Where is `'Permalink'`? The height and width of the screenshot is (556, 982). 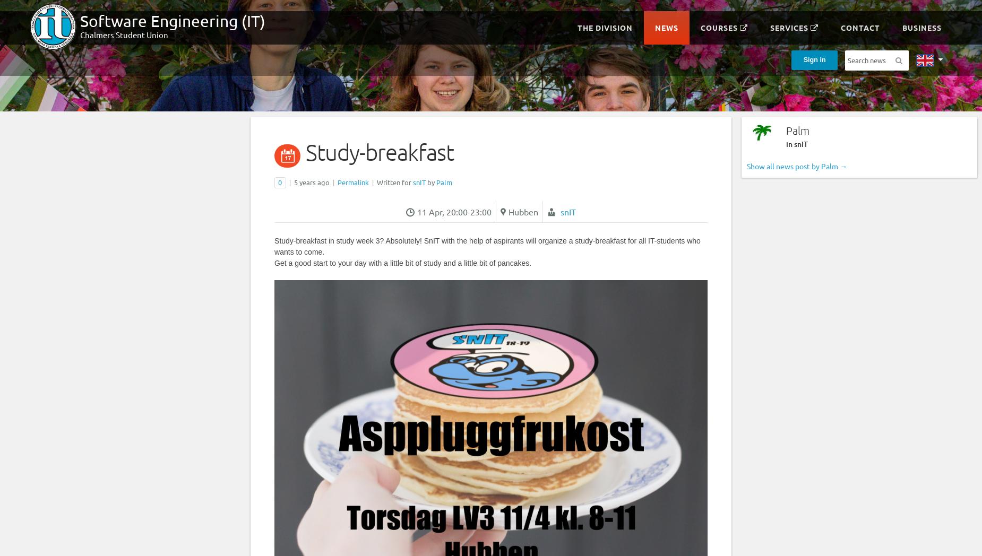
'Permalink' is located at coordinates (352, 181).